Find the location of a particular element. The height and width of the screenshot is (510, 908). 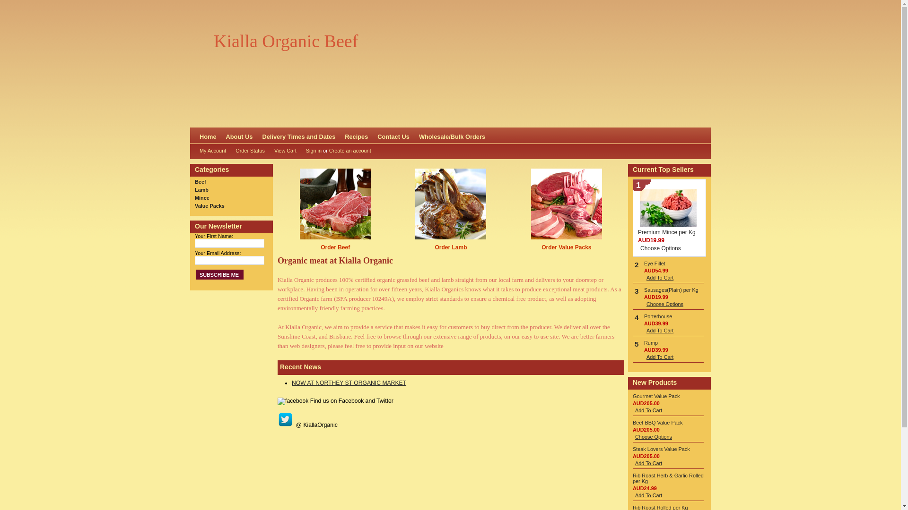

'Order Beef' is located at coordinates (335, 247).